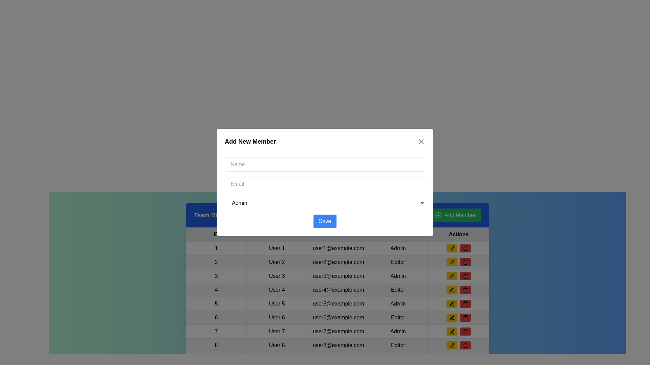  I want to click on the 'Add Member' button, which is a green rectangular button with rounded corners located in the top-right corner of the 'Team Directory' header, so click(455, 215).